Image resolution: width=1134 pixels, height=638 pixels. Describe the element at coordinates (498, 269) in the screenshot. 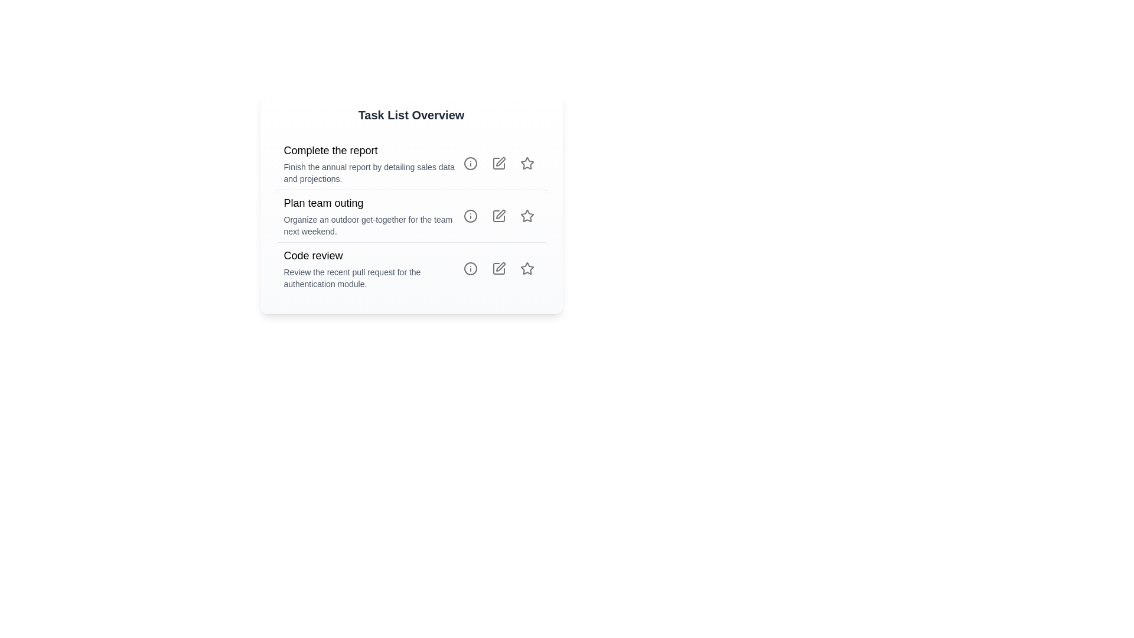

I see `the green pencil editing icon button, which is the third button in the 'Code review' row, to initiate editing` at that location.